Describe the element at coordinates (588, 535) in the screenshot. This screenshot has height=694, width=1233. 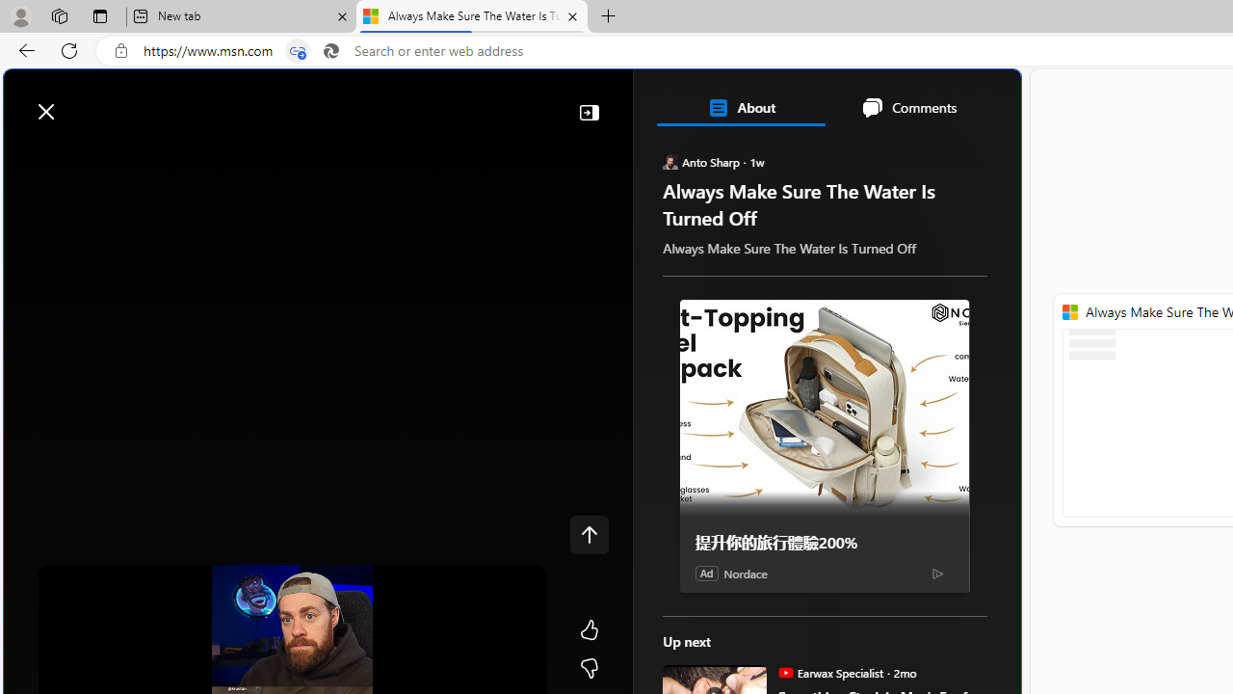
I see `'Class: control icon-only'` at that location.